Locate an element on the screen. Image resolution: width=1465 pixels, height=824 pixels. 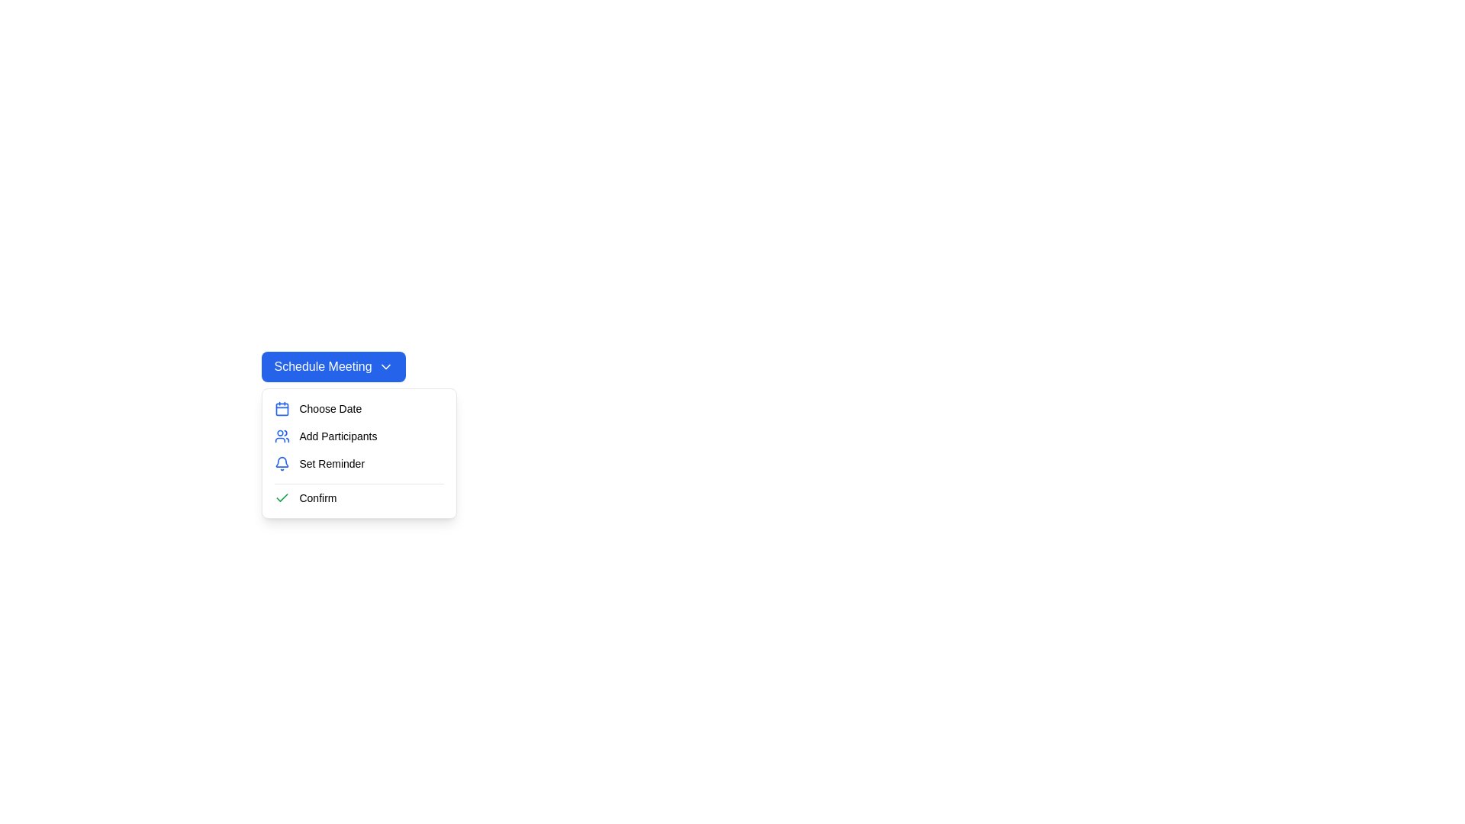
the confirmation status indicated by the icon located at the center of the 'Confirm' button area in the vertical list-group menu is located at coordinates (282, 497).